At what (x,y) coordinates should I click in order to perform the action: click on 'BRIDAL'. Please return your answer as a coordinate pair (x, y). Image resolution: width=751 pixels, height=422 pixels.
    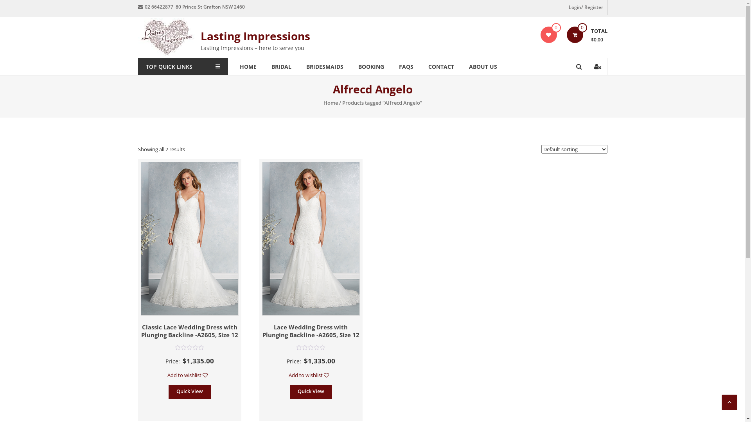
    Looking at the image, I should click on (271, 66).